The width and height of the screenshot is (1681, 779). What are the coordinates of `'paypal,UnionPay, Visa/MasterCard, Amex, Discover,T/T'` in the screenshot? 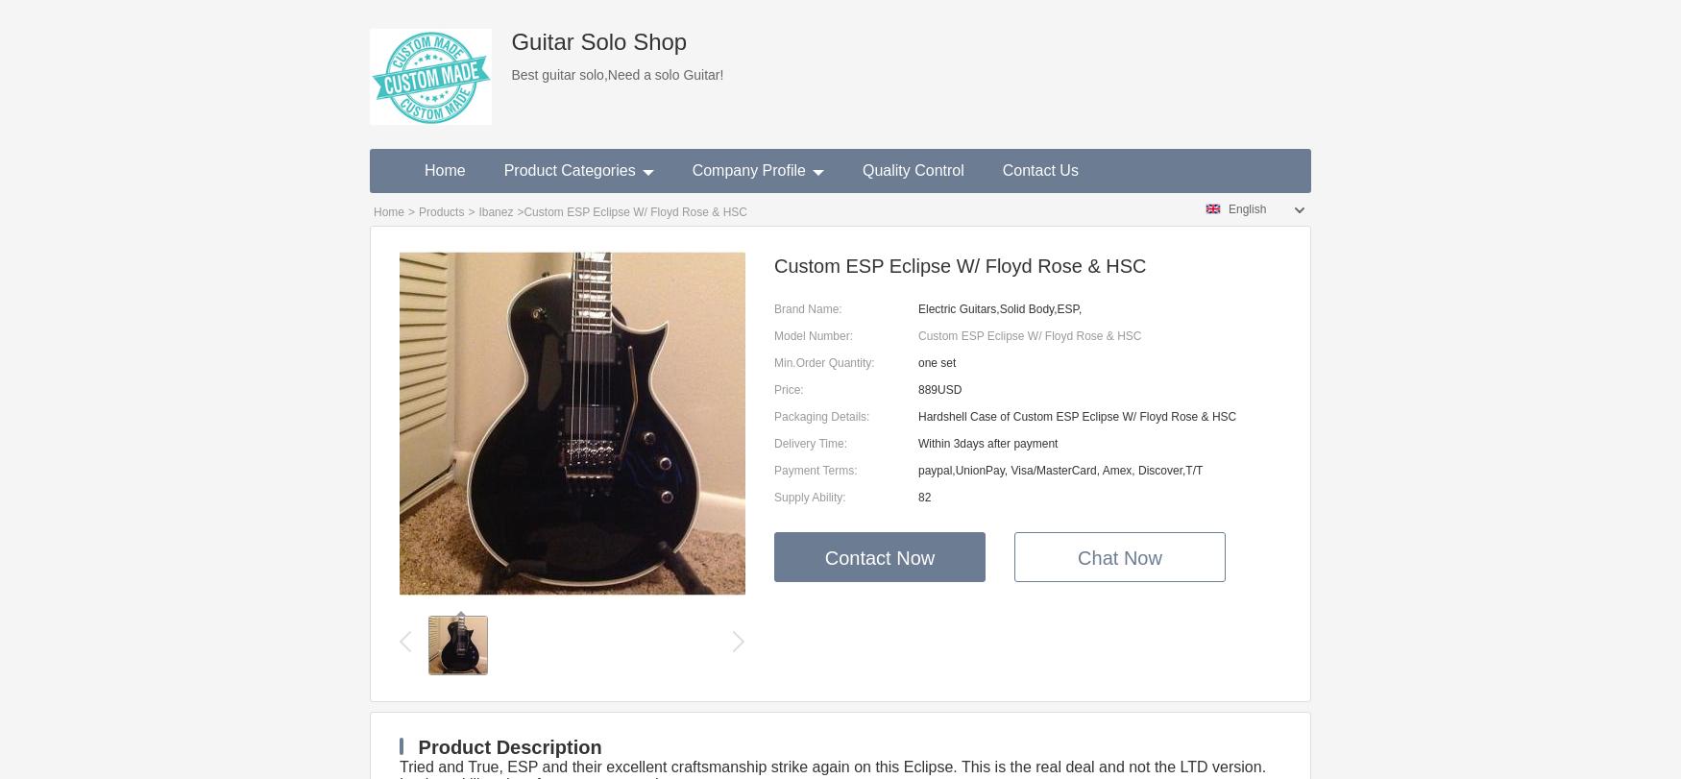 It's located at (918, 470).